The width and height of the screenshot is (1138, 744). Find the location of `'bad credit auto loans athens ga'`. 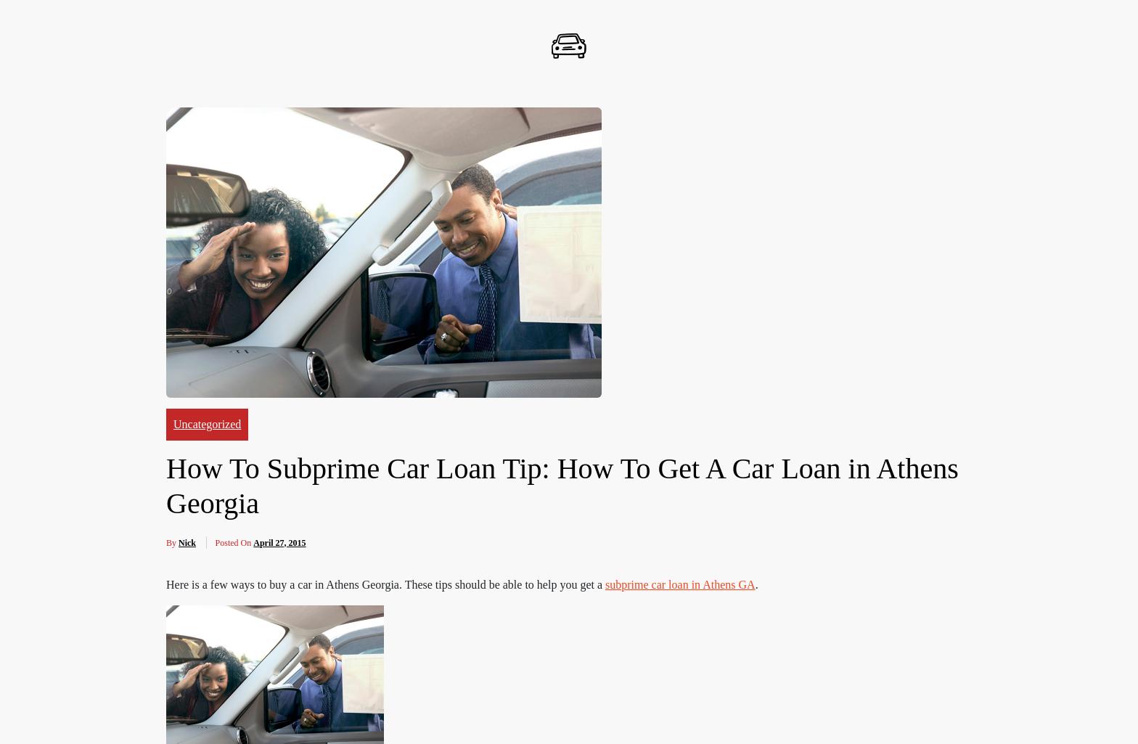

'bad credit auto loans athens ga' is located at coordinates (496, 571).